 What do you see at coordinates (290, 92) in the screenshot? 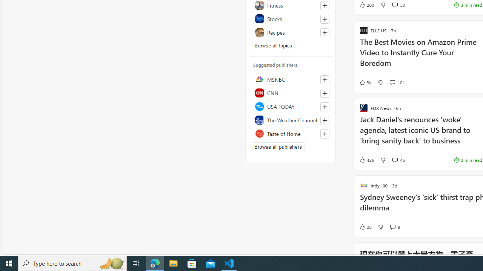
I see `'CNN'` at bounding box center [290, 92].